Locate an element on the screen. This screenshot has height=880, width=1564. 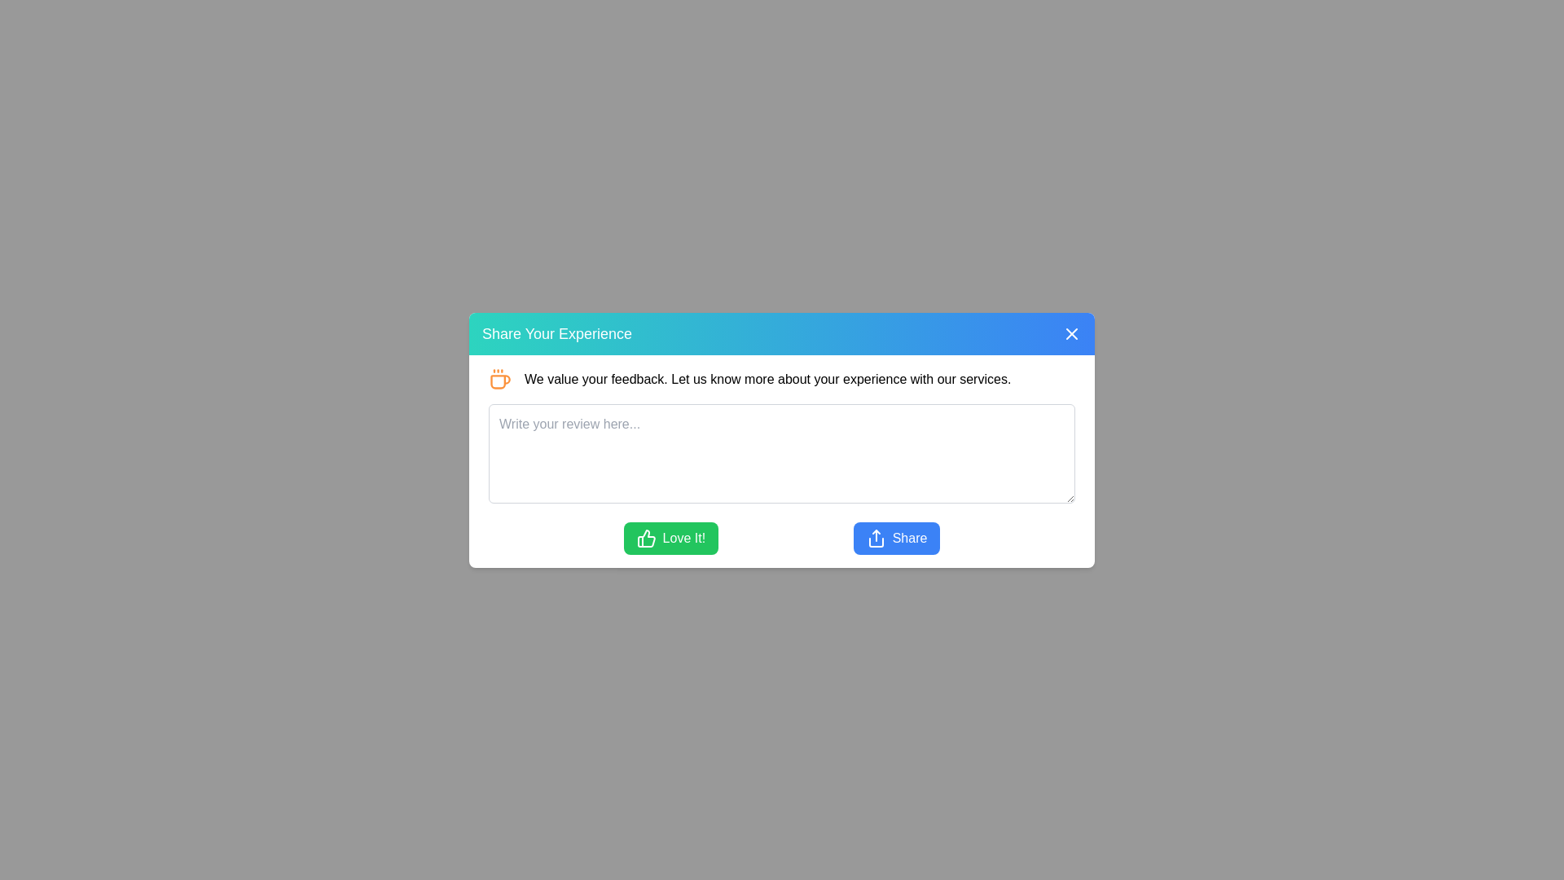
the text label displaying 'Love It!' with a white font on a green background, located at the bottom-center of a modal dialog is located at coordinates (683, 538).